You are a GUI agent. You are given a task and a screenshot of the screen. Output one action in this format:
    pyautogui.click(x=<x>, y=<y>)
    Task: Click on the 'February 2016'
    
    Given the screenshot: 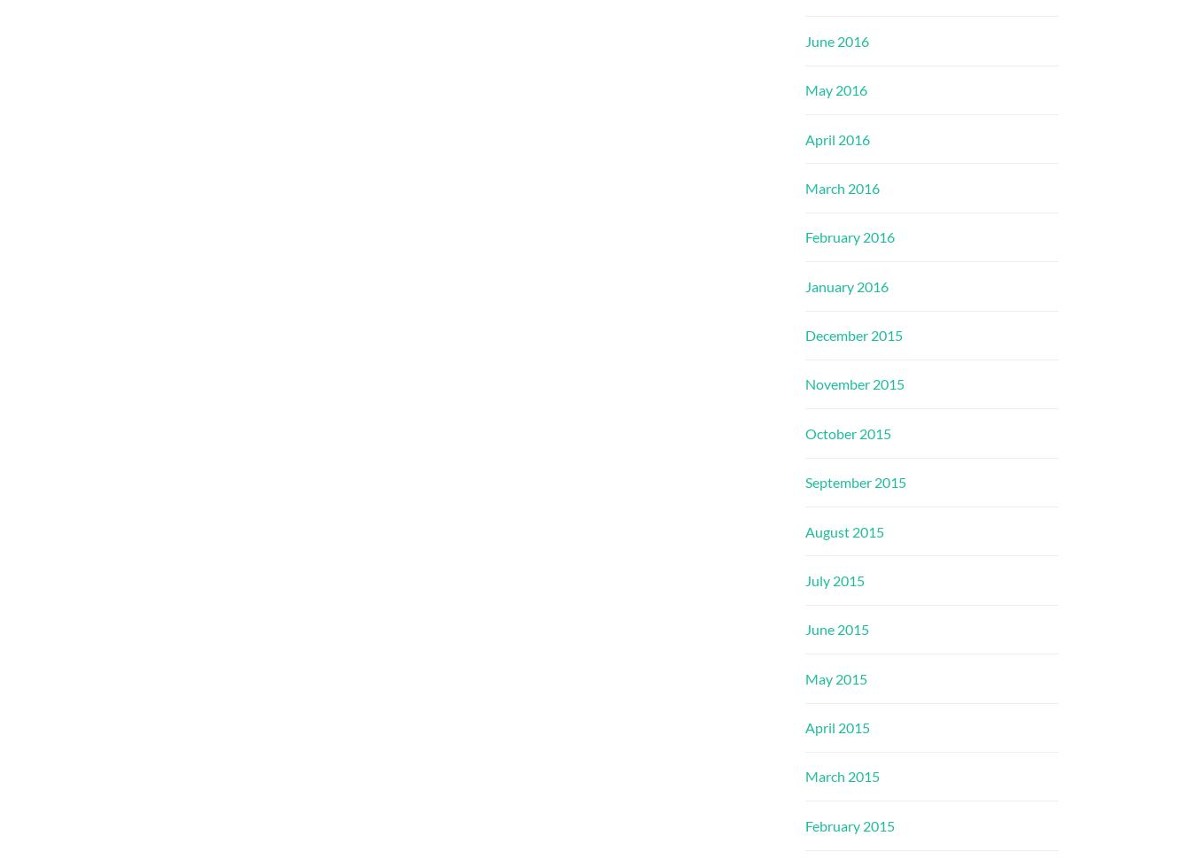 What is the action you would take?
    pyautogui.click(x=849, y=236)
    